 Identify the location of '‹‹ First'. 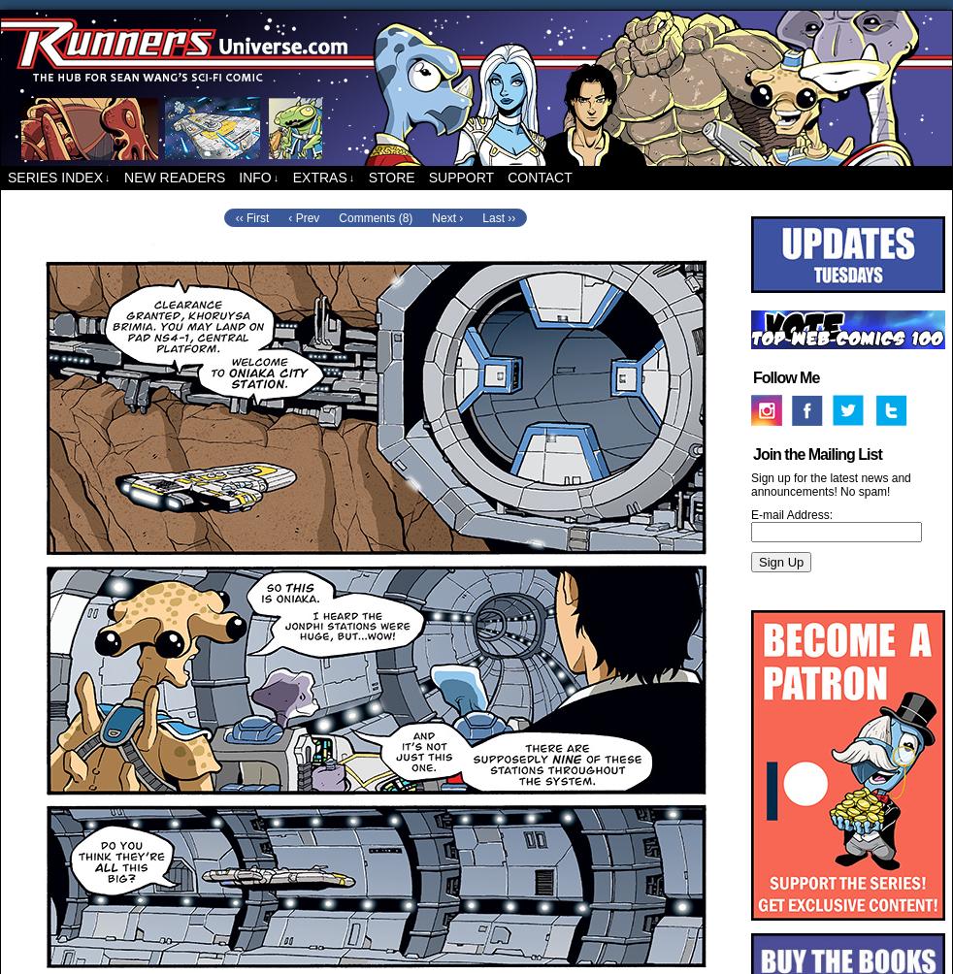
(251, 215).